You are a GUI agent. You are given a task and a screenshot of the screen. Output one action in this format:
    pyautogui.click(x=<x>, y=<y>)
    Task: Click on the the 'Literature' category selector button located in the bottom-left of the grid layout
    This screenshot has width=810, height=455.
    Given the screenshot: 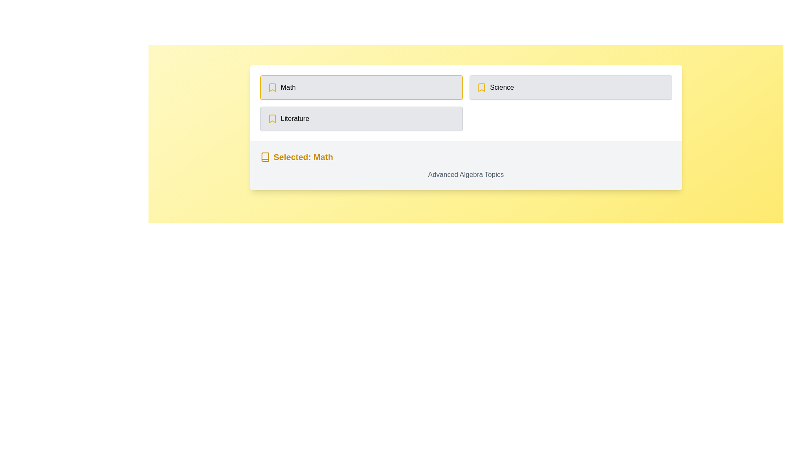 What is the action you would take?
    pyautogui.click(x=361, y=118)
    